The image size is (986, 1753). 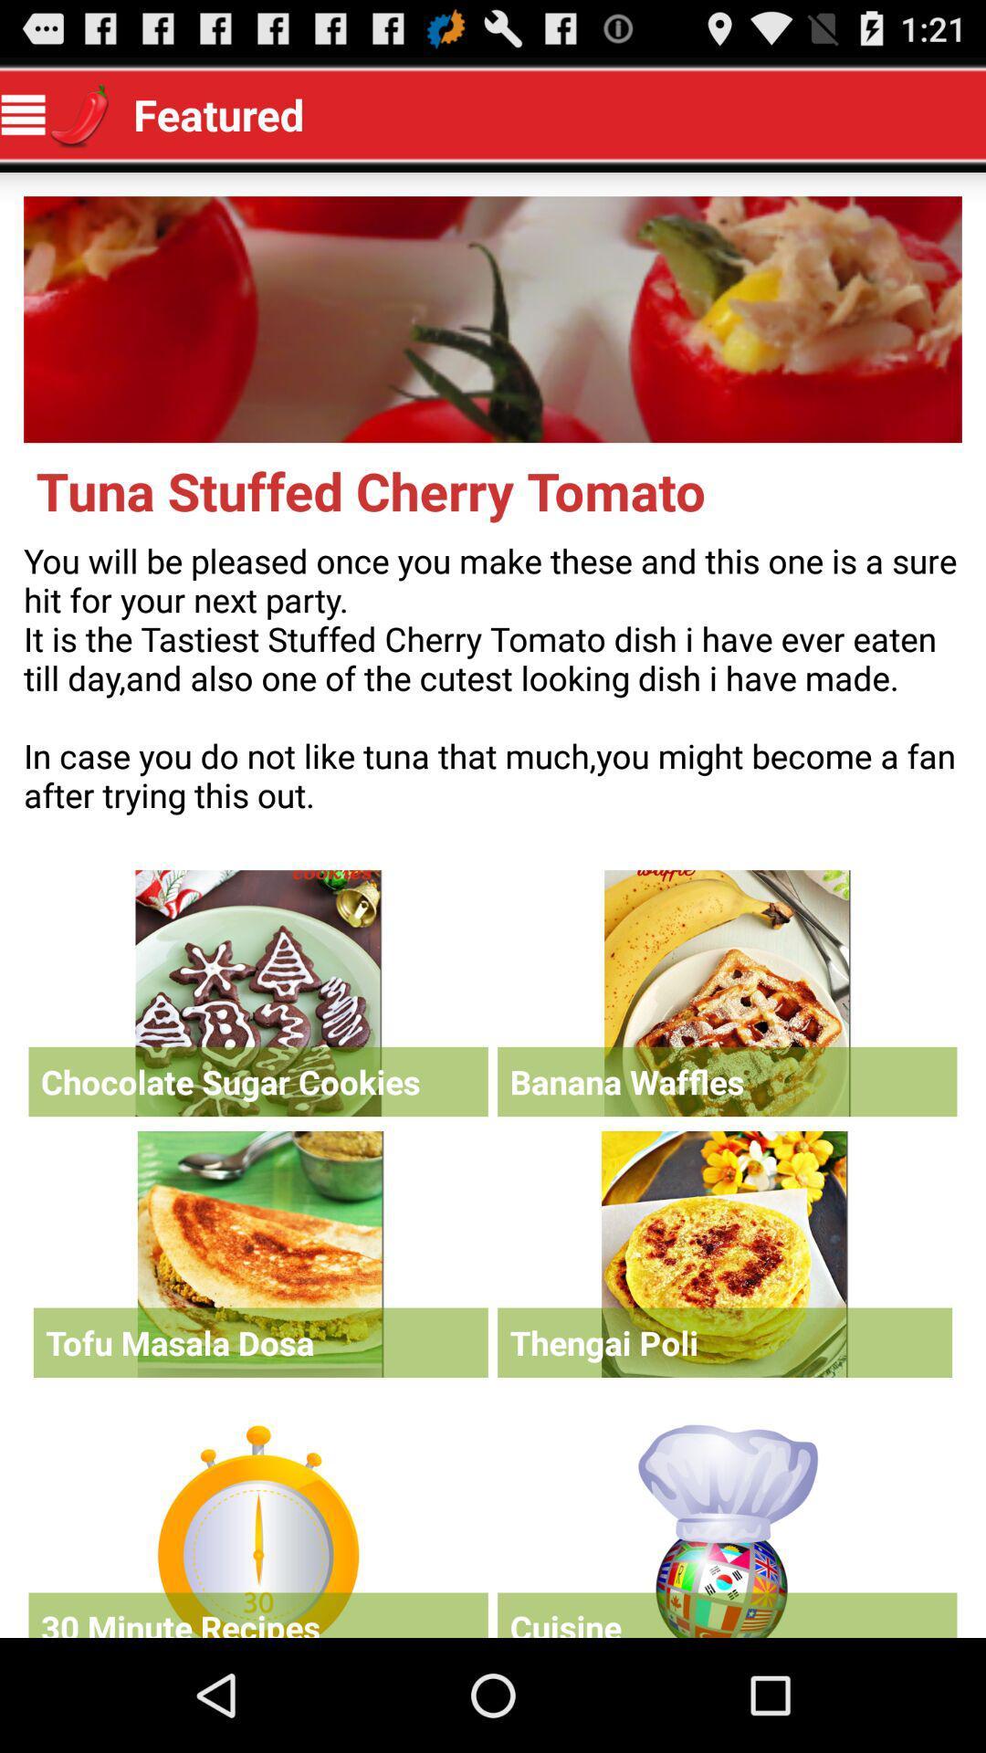 What do you see at coordinates (493, 320) in the screenshot?
I see `open main menu picture` at bounding box center [493, 320].